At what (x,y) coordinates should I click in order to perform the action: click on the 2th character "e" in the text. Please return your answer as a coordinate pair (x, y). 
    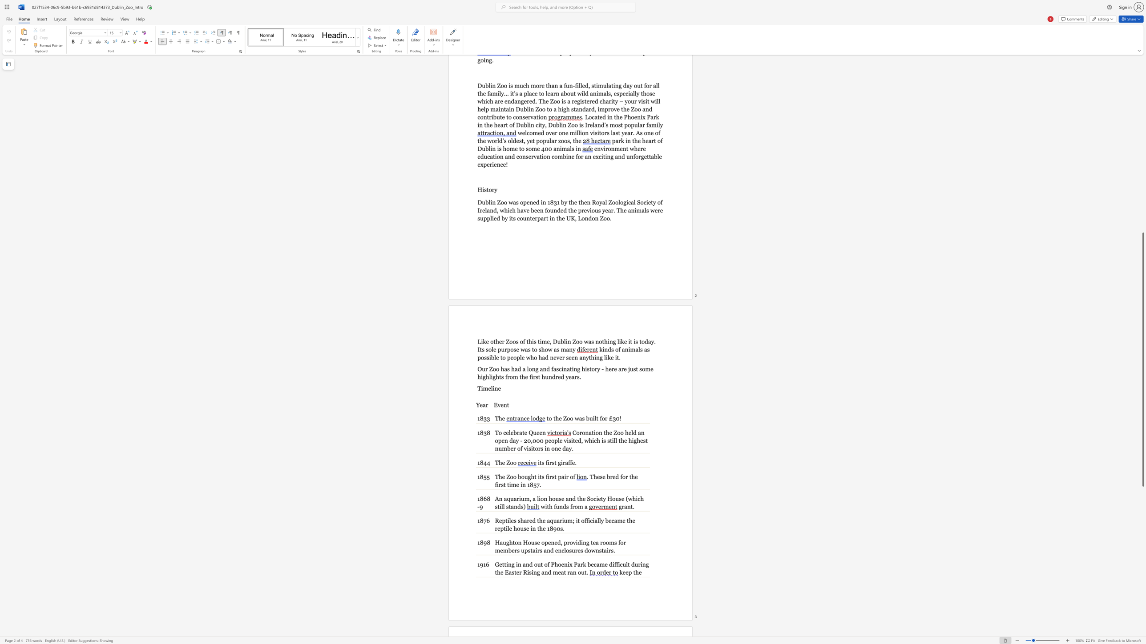
    Looking at the image, I should click on (511, 432).